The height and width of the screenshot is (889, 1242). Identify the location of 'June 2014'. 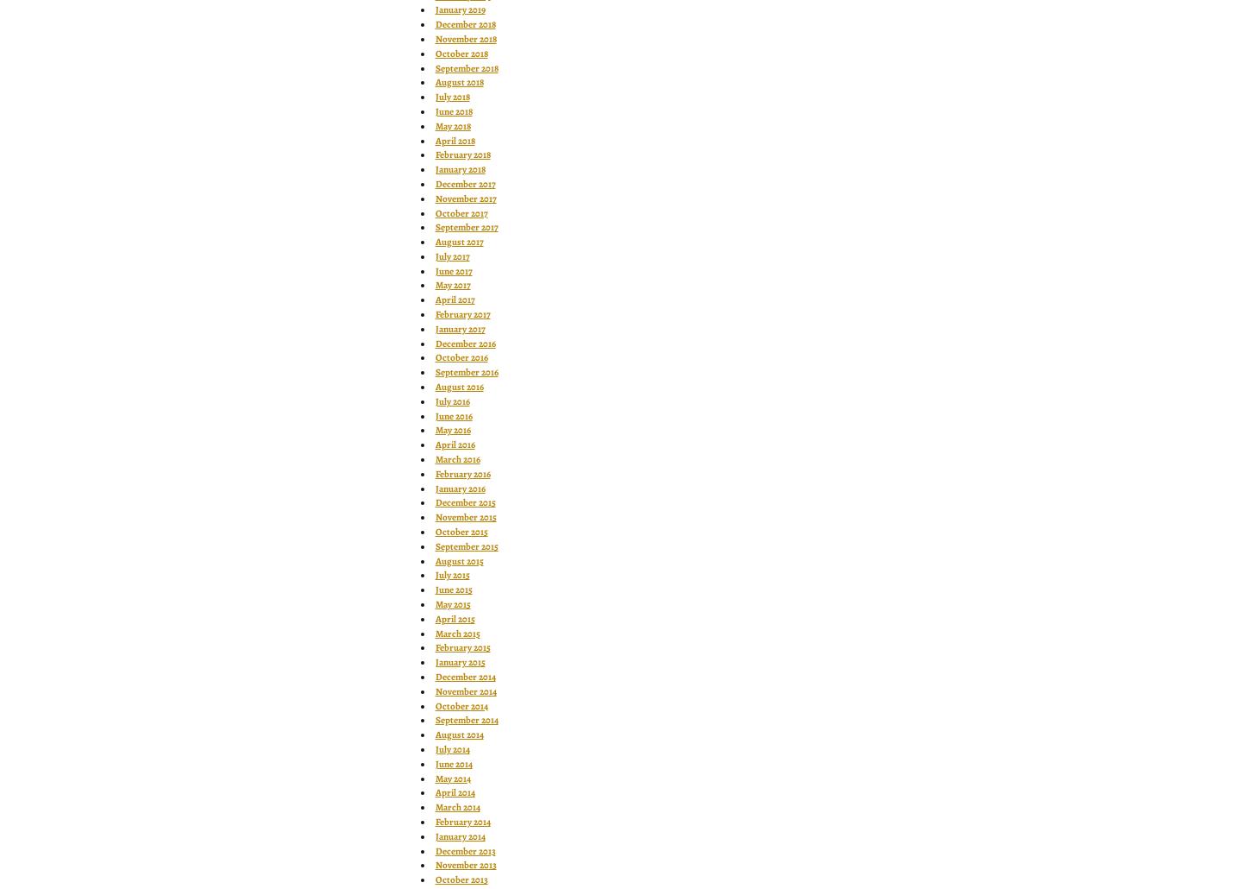
(452, 763).